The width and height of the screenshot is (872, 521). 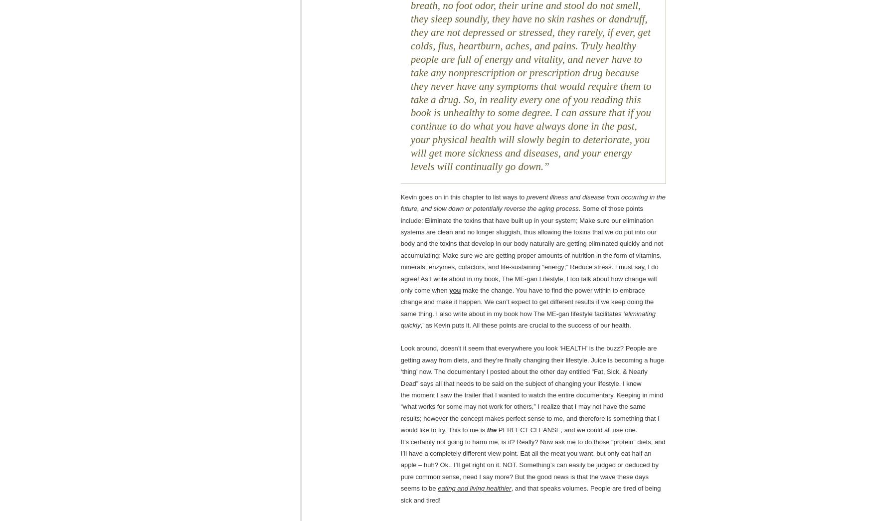 I want to click on '‘eliminating quickly', so click(x=528, y=319).